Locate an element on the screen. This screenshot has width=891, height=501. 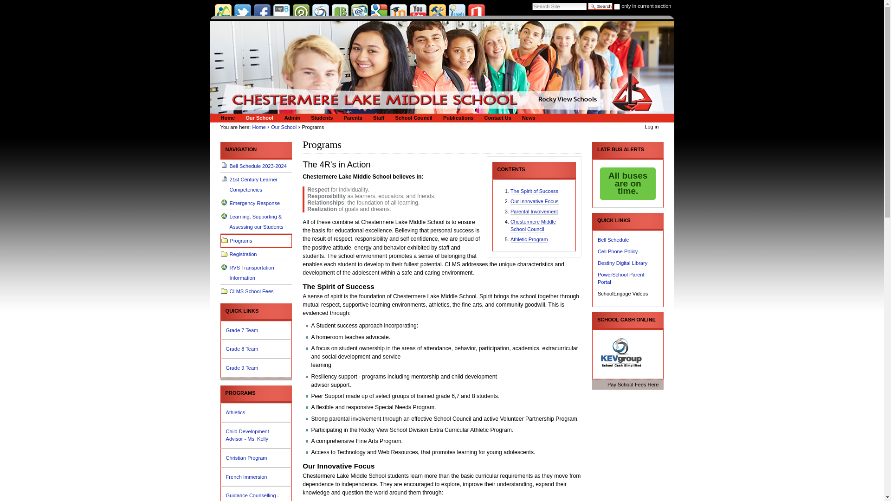
'SchoolEngage Videos' is located at coordinates (623, 293).